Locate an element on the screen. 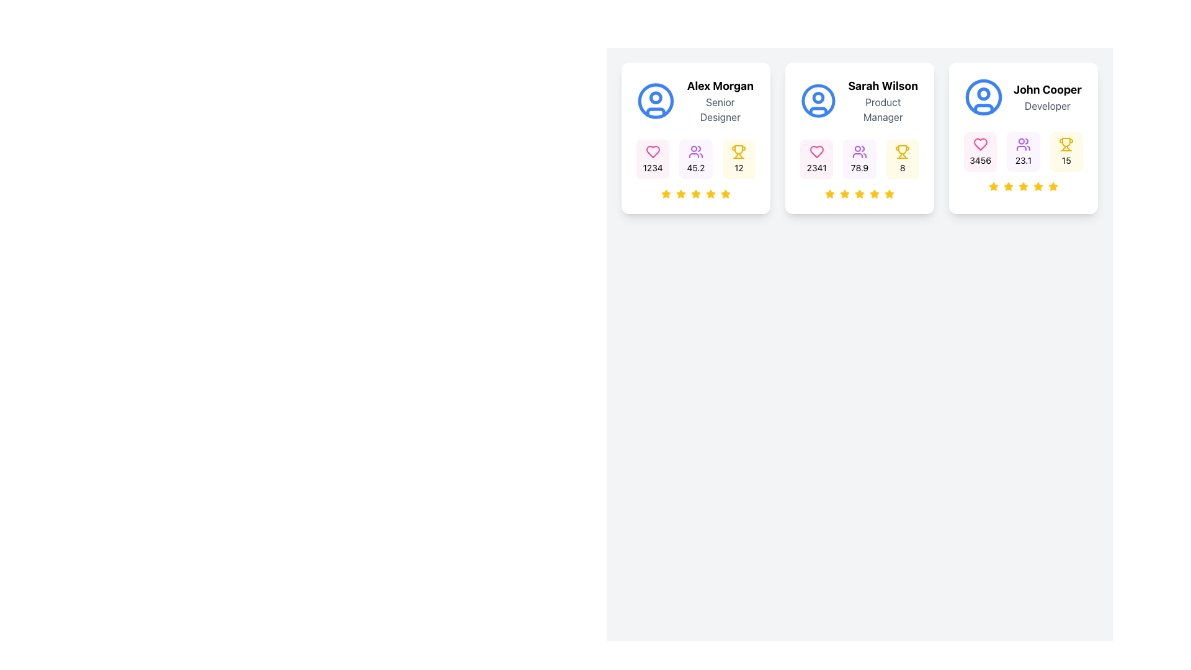 This screenshot has height=670, width=1191. the rating level by focusing on the rating component represented by stars, located centrally below the text '15' is located at coordinates (1024, 186).